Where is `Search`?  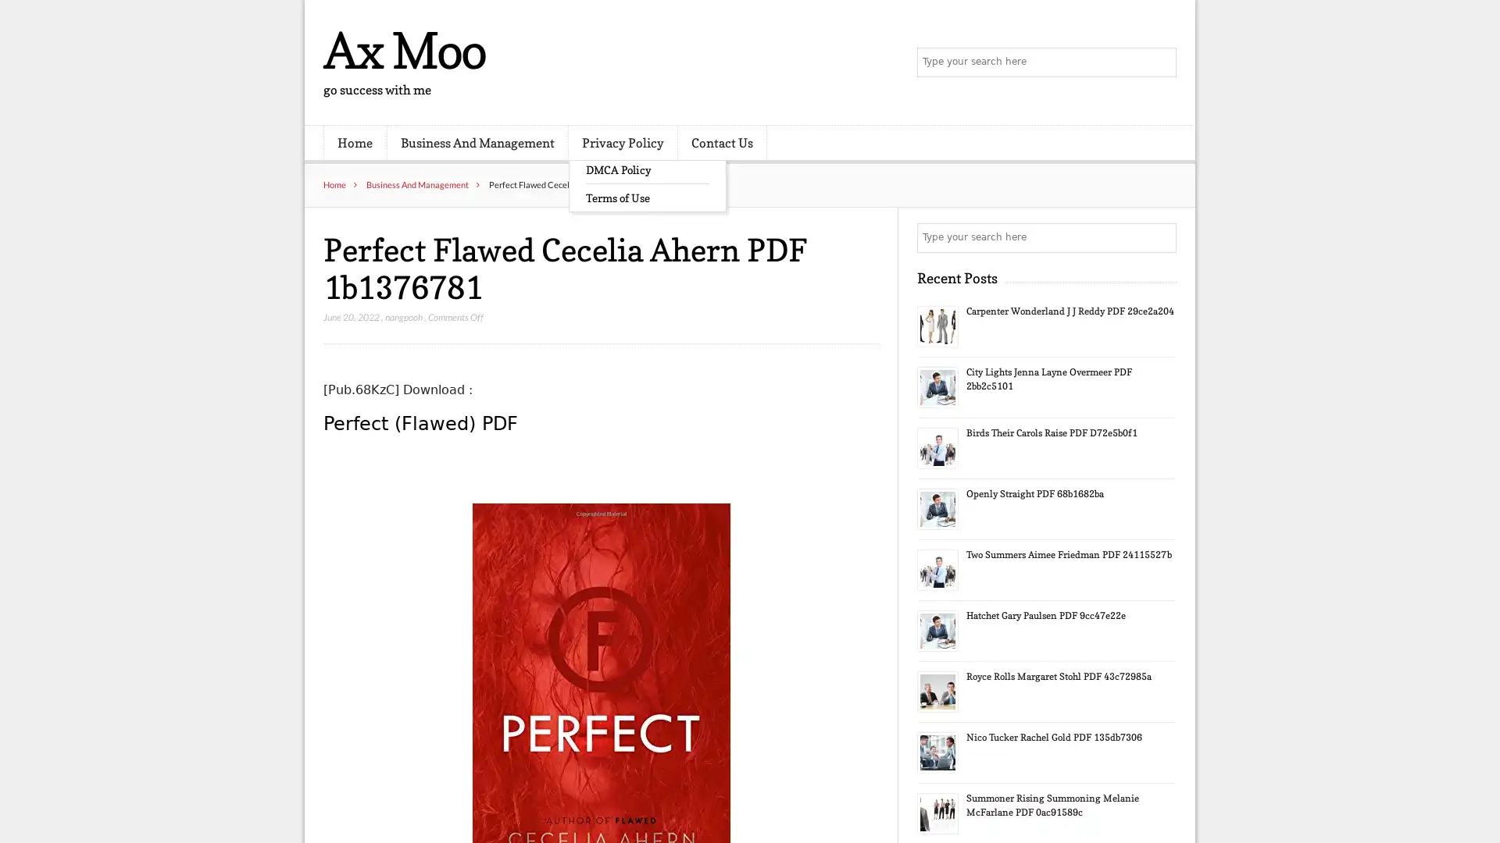
Search is located at coordinates (1160, 237).